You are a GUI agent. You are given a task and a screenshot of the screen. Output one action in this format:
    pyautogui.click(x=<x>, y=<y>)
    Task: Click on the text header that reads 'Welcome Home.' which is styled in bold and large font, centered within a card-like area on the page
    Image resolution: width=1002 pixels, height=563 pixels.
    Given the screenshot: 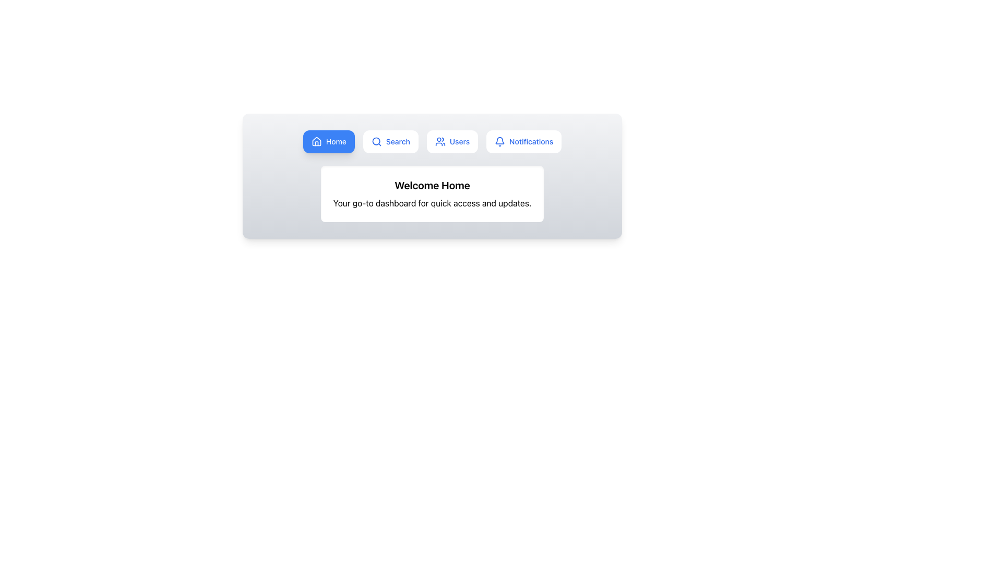 What is the action you would take?
    pyautogui.click(x=432, y=185)
    